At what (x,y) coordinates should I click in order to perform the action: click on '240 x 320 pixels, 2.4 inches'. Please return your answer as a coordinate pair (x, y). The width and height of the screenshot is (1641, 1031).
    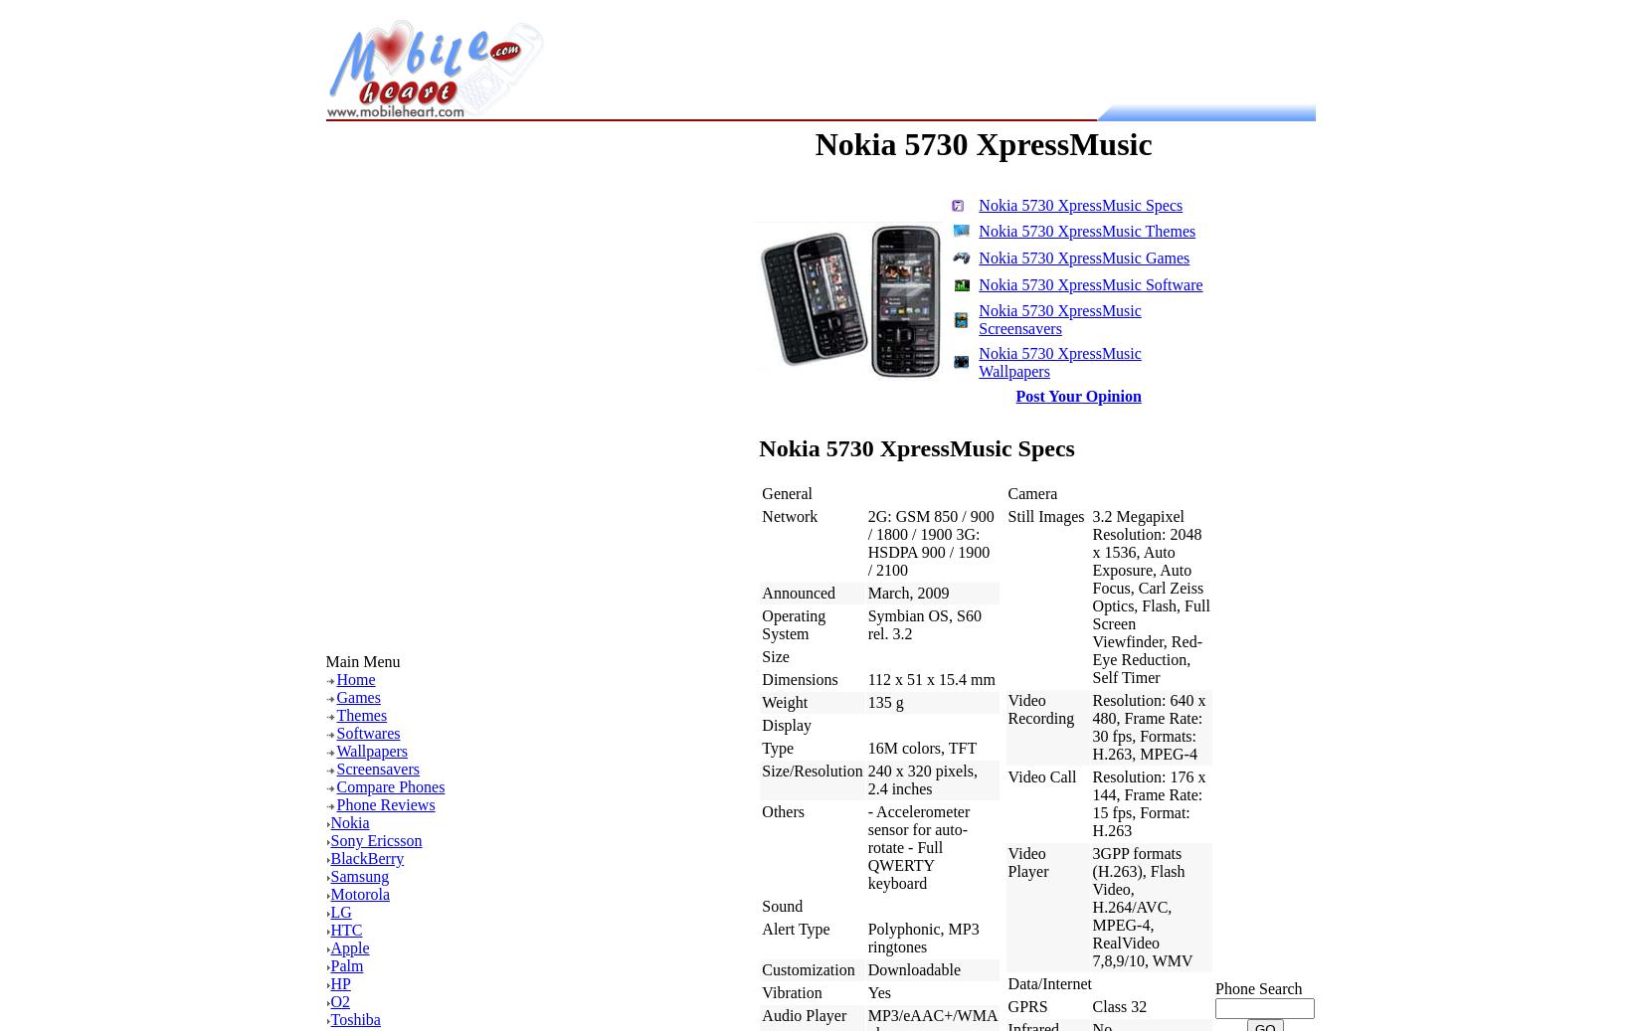
    Looking at the image, I should click on (921, 779).